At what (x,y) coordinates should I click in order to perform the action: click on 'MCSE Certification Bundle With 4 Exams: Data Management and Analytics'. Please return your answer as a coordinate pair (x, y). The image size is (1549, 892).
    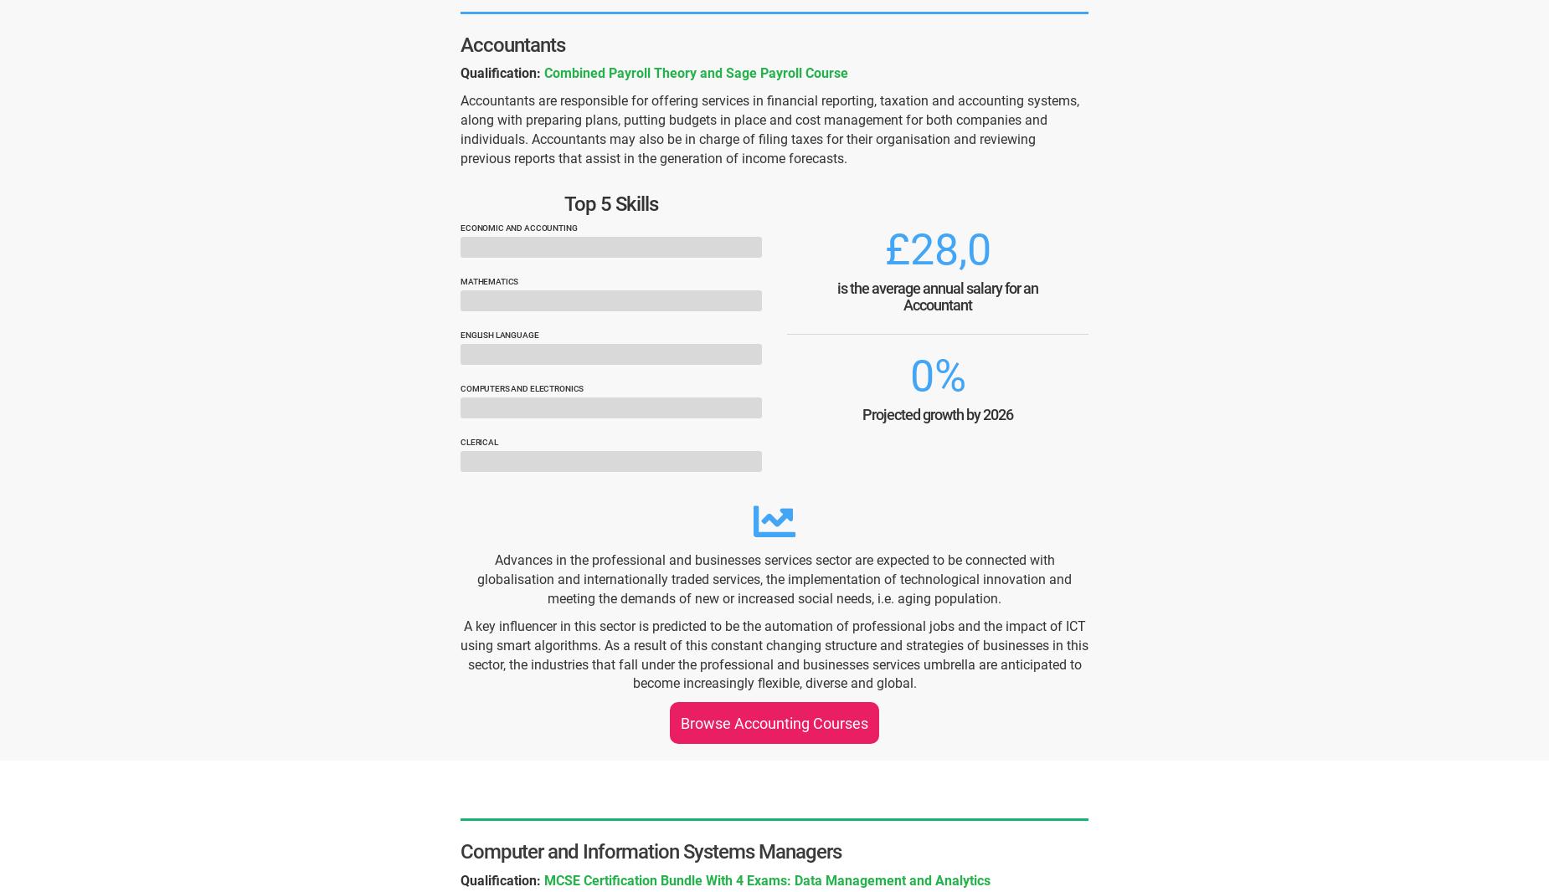
    Looking at the image, I should click on (767, 879).